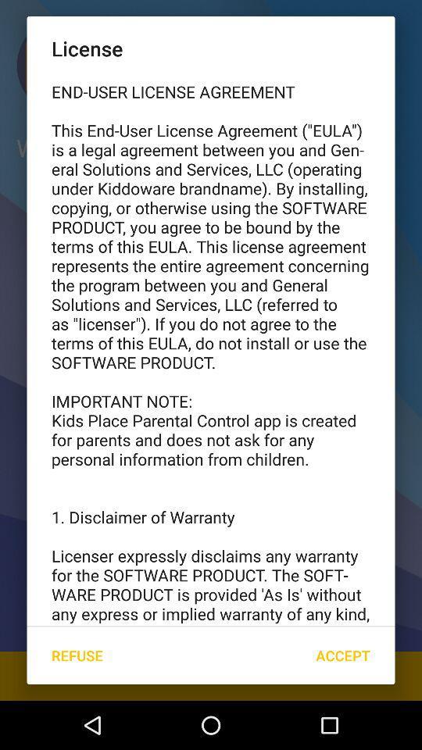  What do you see at coordinates (342, 655) in the screenshot?
I see `the accept` at bounding box center [342, 655].